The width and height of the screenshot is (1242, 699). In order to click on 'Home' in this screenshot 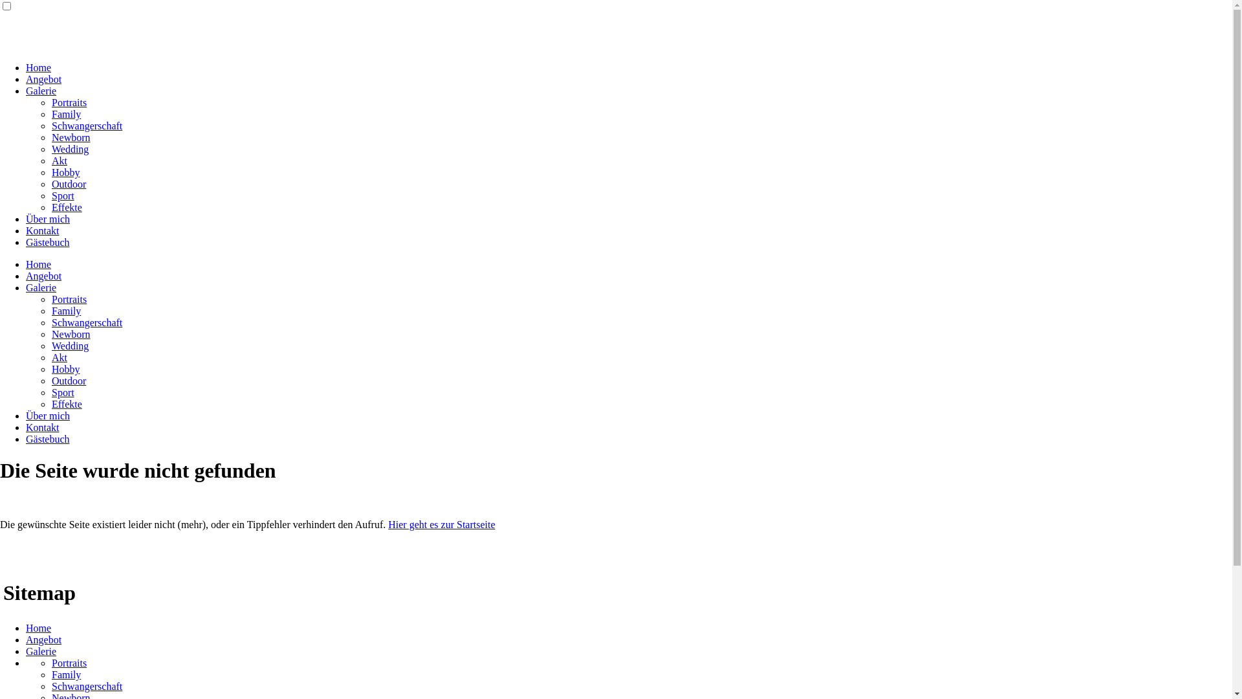, I will do `click(38, 627)`.